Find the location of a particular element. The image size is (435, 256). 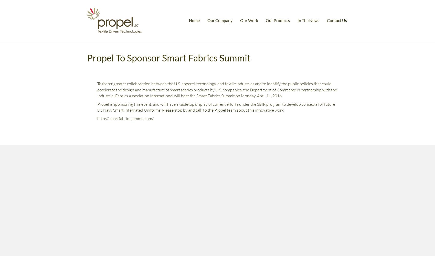

'http://smartfabricssummit.com/' is located at coordinates (125, 118).